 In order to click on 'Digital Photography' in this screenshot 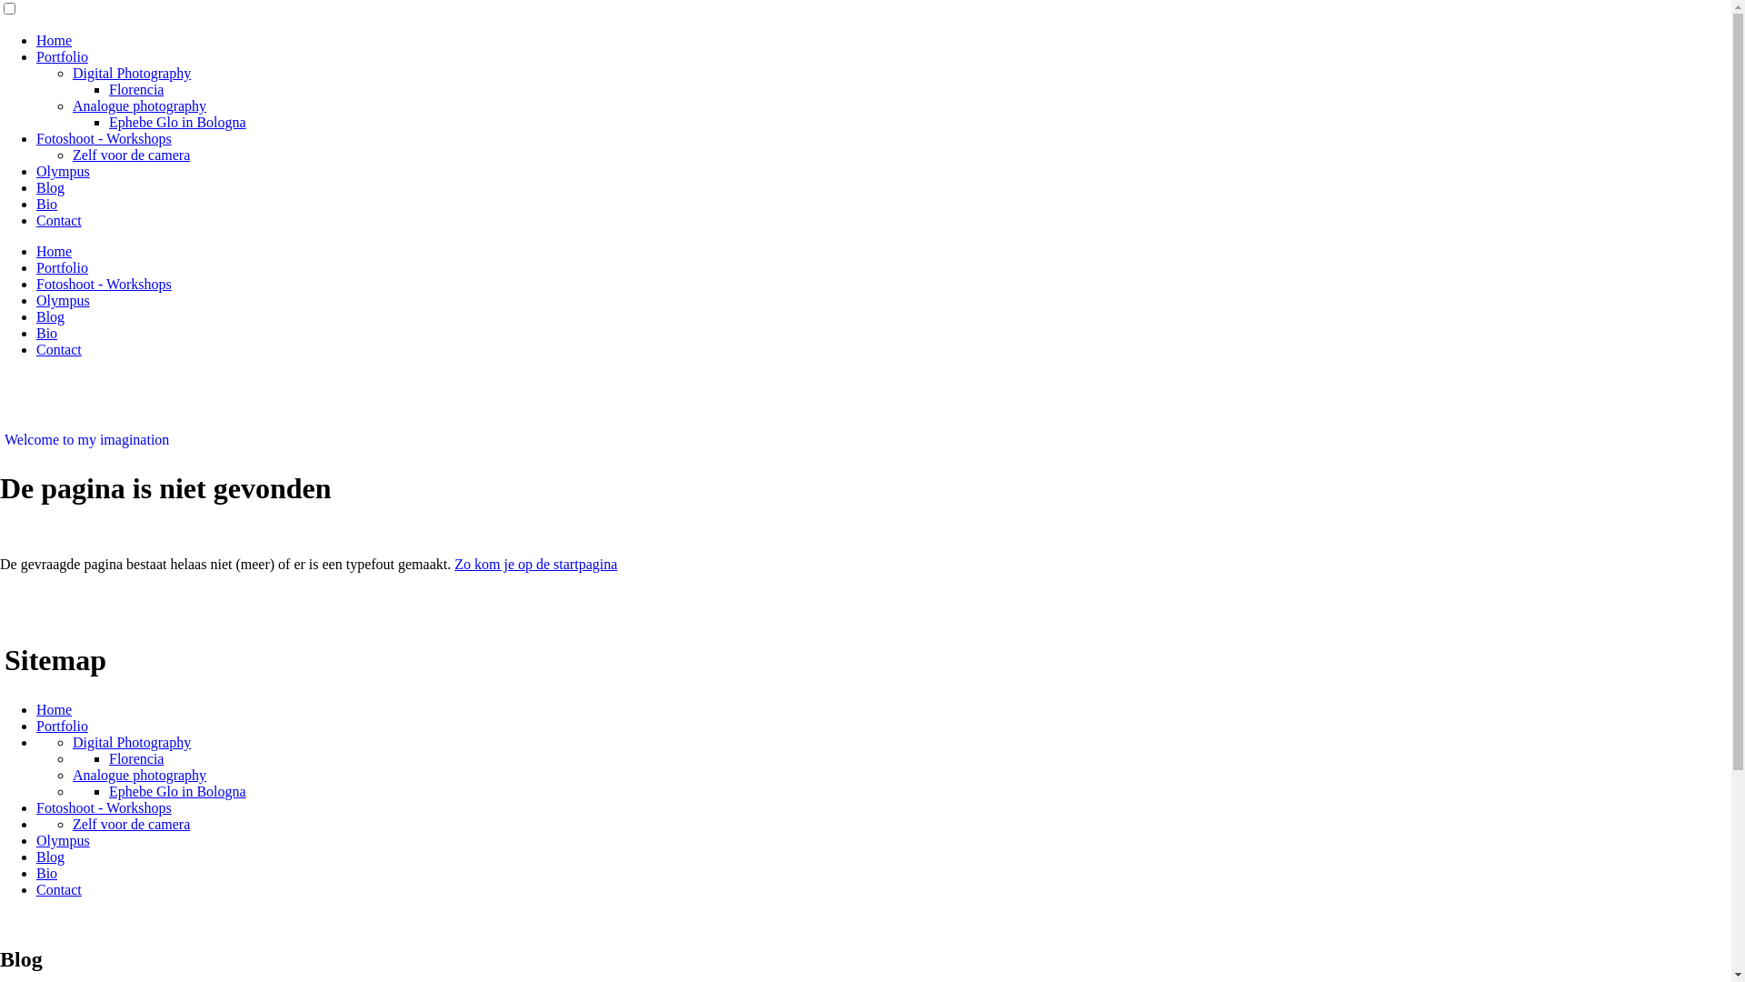, I will do `click(130, 72)`.